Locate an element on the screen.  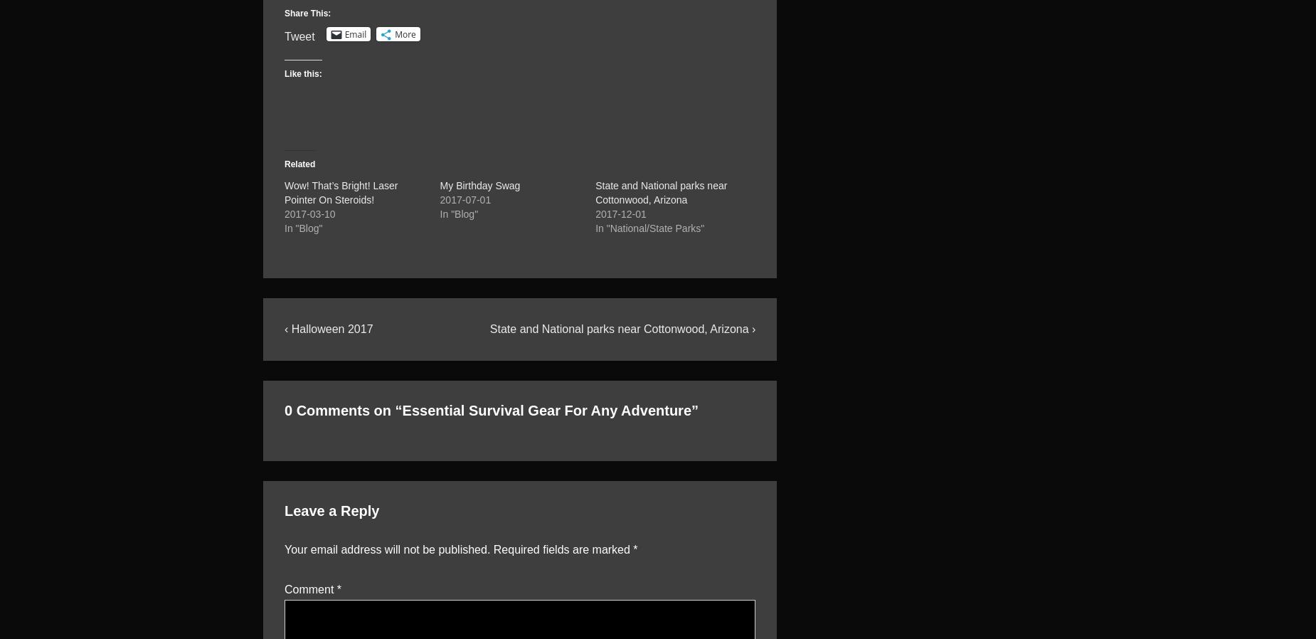
'Comment' is located at coordinates (309, 588).